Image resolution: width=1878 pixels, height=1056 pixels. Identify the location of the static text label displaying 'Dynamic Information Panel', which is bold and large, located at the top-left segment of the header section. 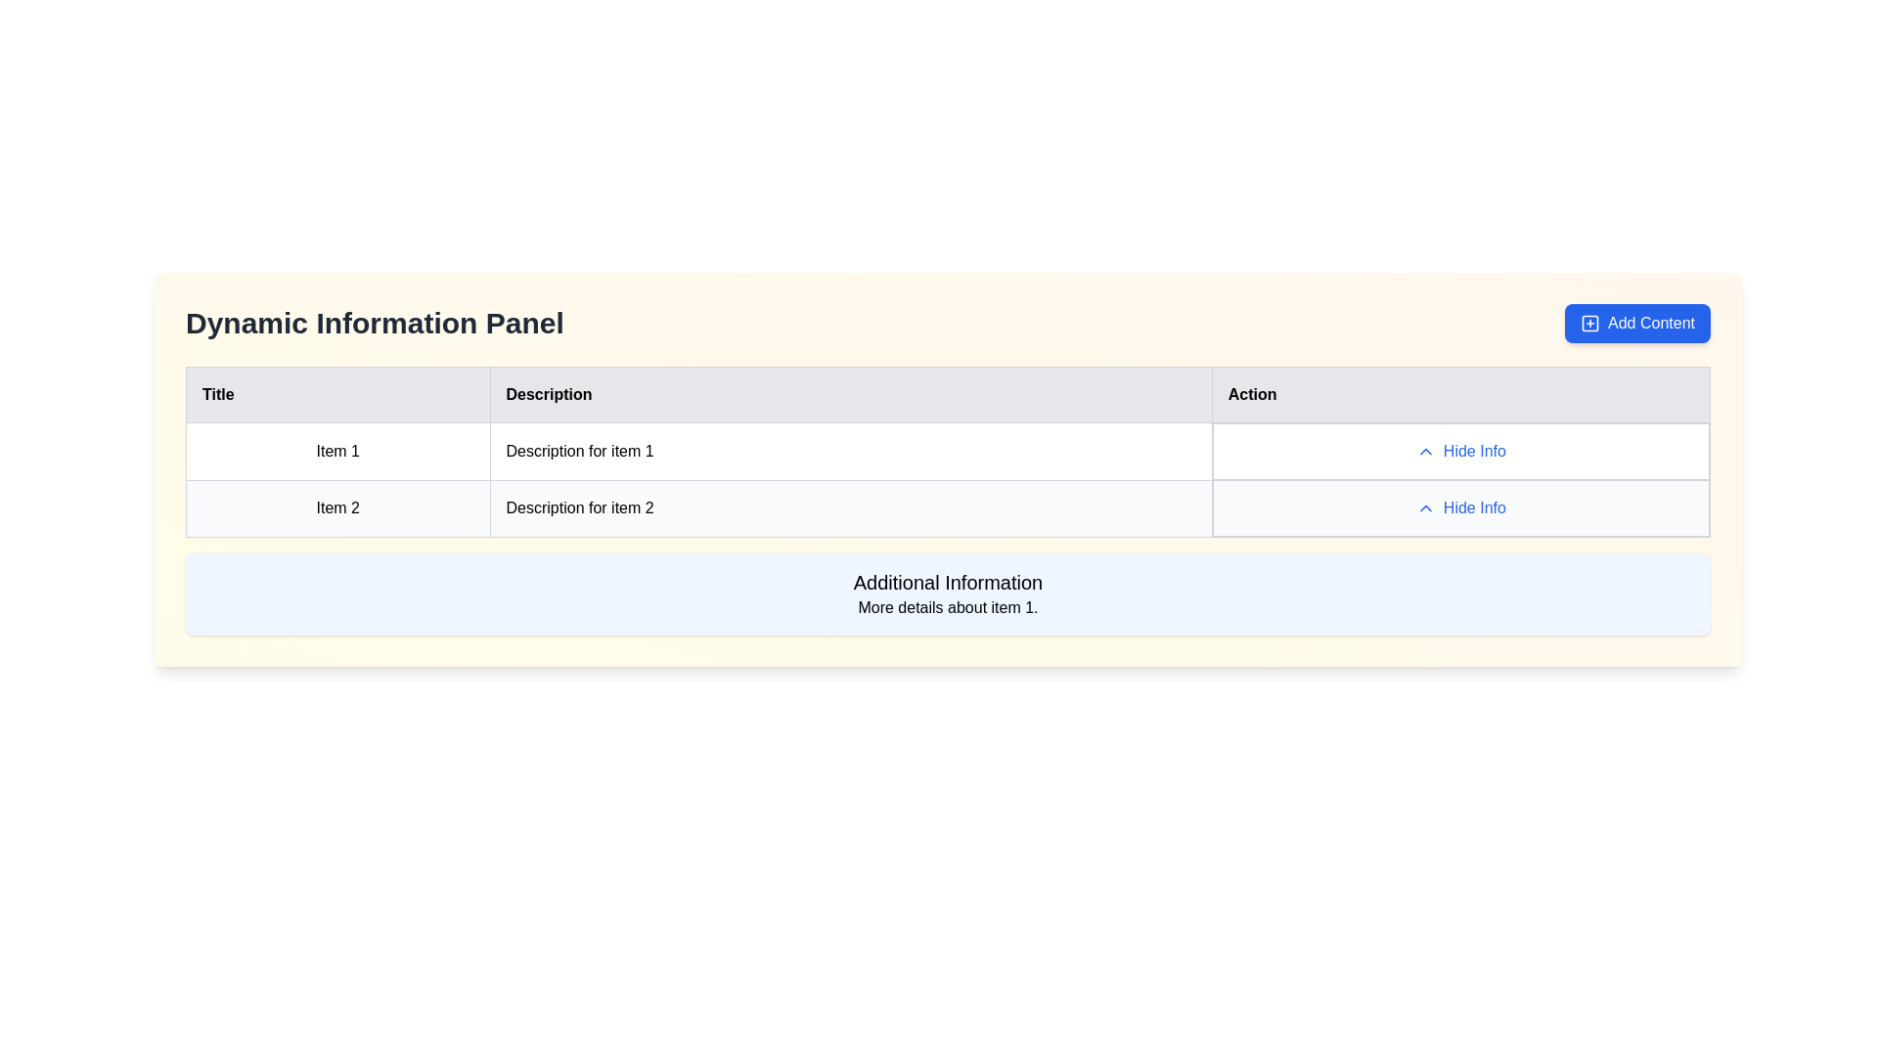
(375, 323).